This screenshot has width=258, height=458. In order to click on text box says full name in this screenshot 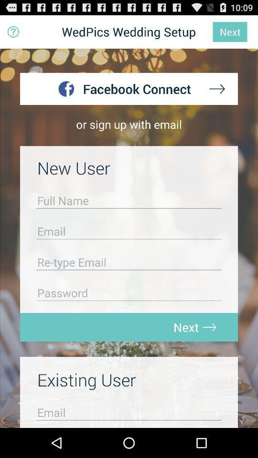, I will do `click(129, 203)`.